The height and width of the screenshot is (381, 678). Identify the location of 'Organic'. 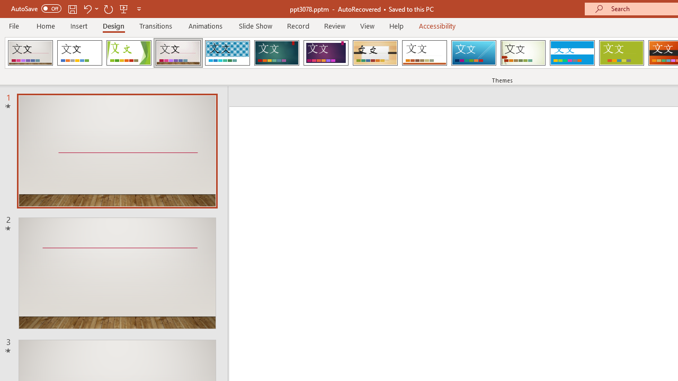
(375, 53).